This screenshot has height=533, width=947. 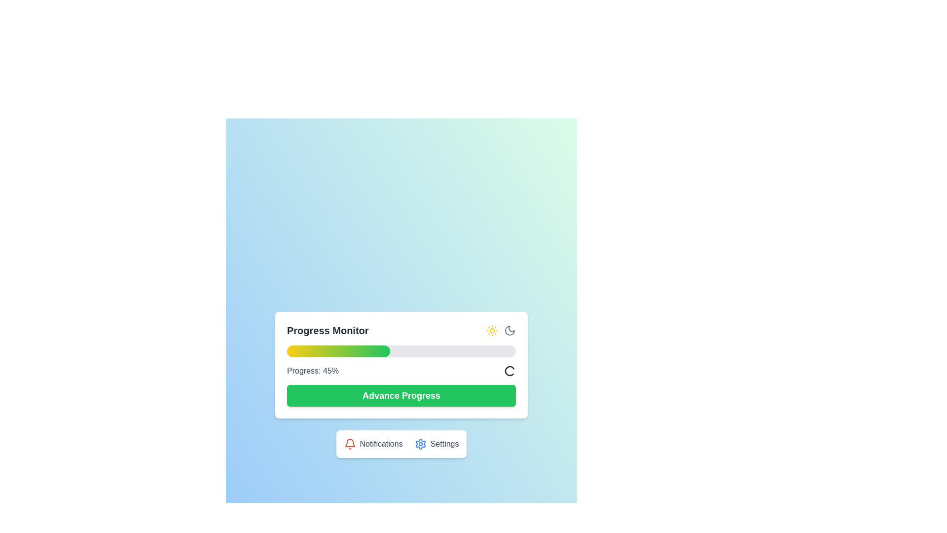 I want to click on the 'Notifications' text label, which is styled in gray and located next to a red bell icon, positioned below the 'Advance Progress' button, so click(x=381, y=443).